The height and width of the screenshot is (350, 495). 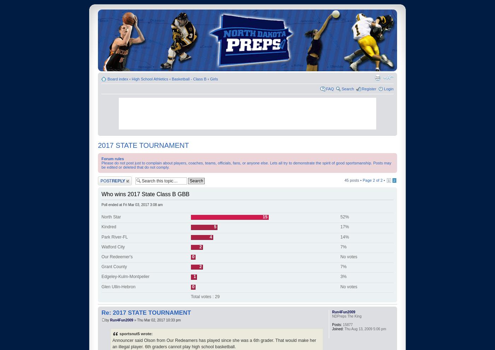 I want to click on 'sportsnut5 wrote:', so click(x=136, y=333).